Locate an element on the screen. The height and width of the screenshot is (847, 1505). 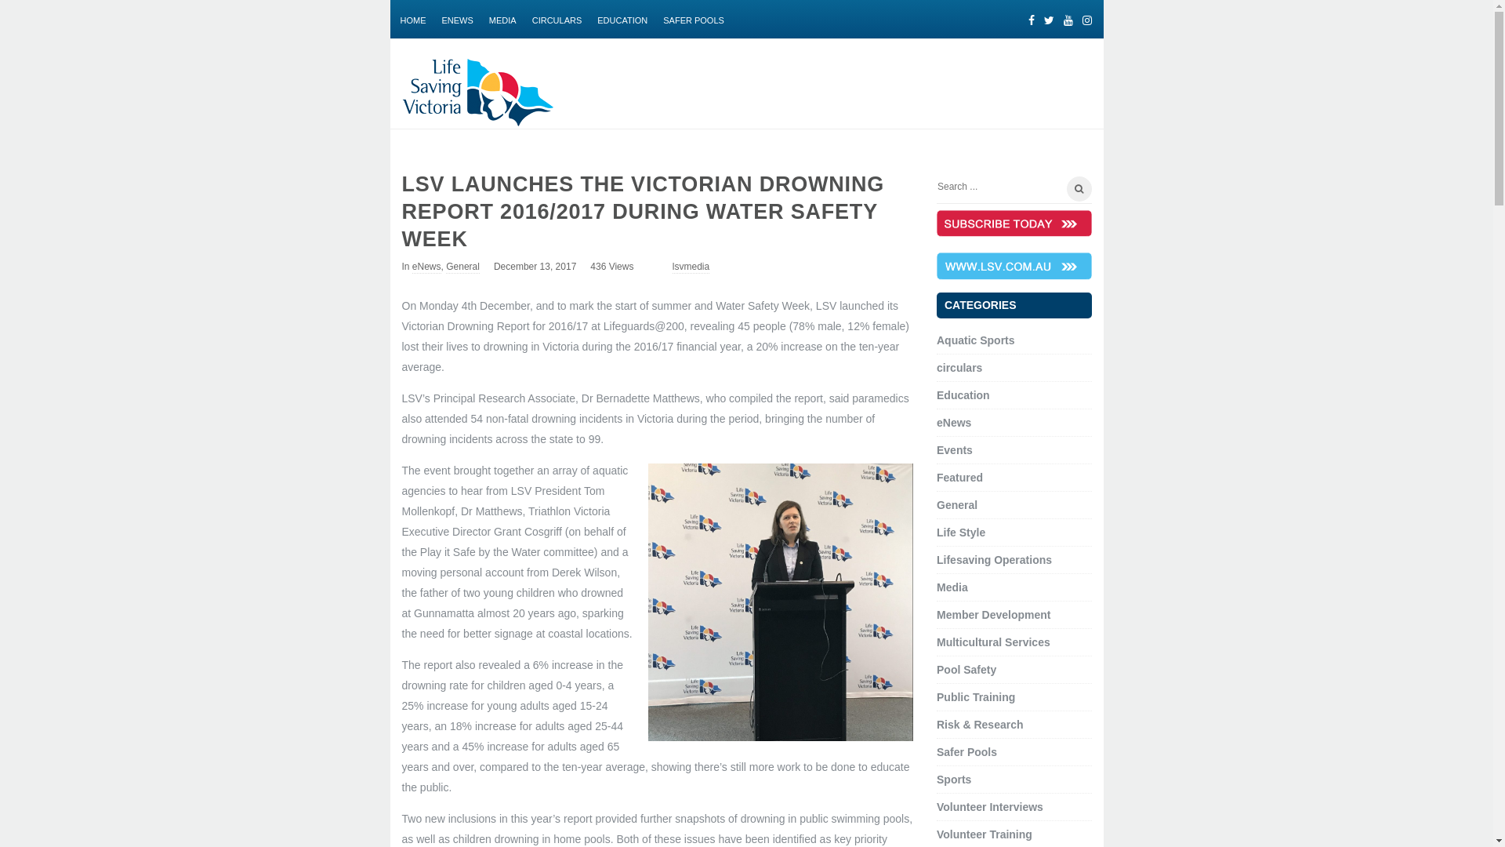
'General' is located at coordinates (445, 266).